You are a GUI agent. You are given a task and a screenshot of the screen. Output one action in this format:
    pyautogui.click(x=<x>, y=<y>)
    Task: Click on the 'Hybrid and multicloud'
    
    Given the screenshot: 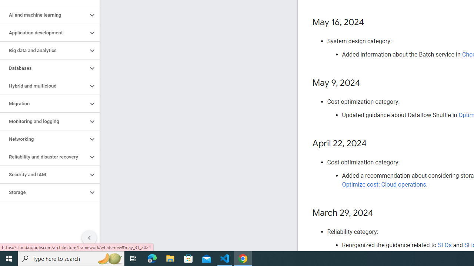 What is the action you would take?
    pyautogui.click(x=43, y=85)
    